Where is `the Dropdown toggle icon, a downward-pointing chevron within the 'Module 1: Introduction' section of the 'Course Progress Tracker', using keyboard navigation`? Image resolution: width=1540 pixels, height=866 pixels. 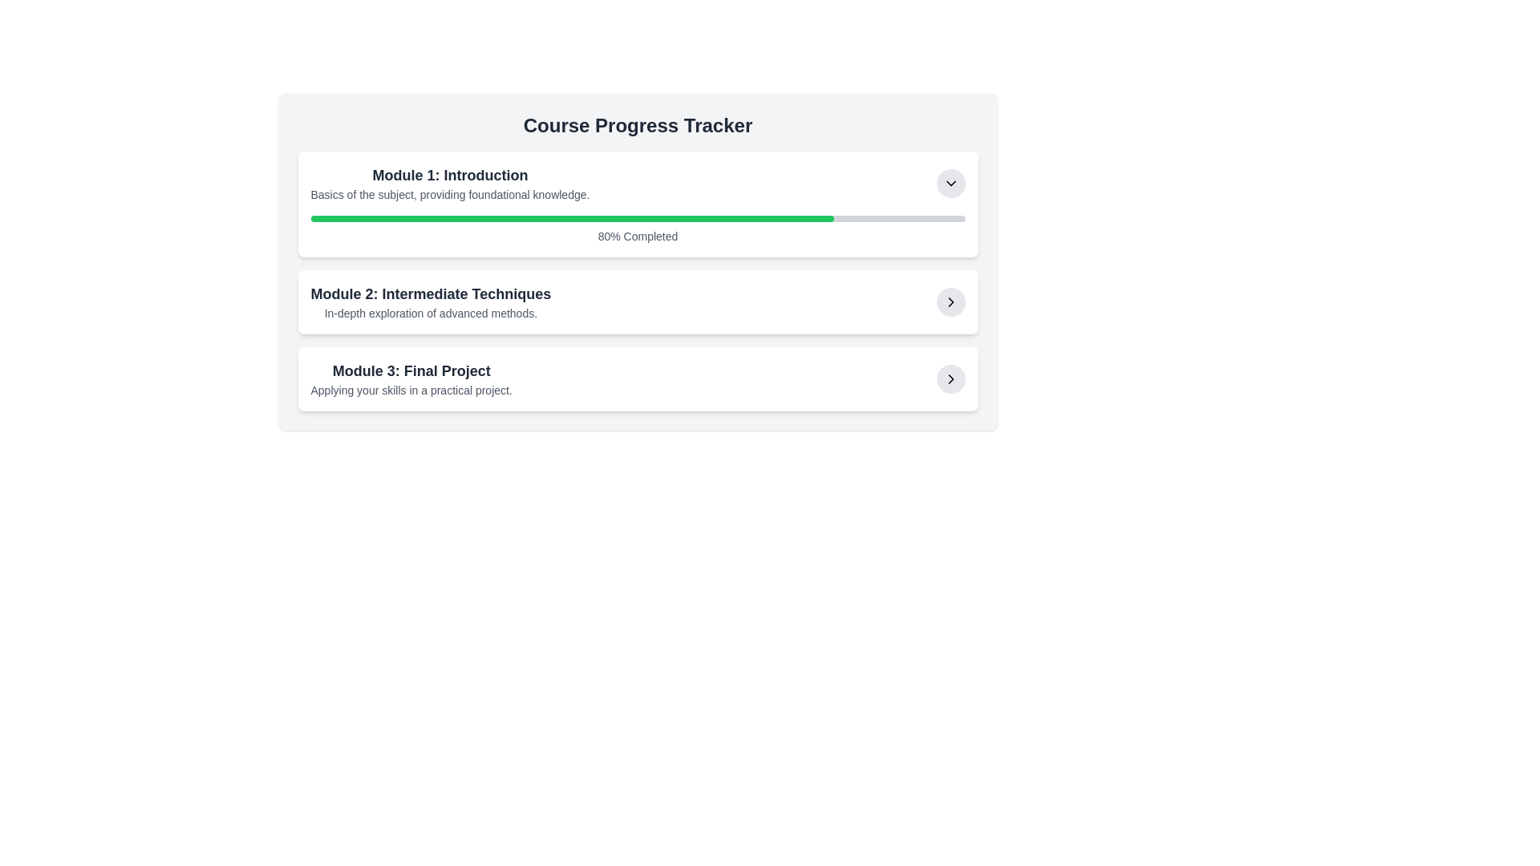 the Dropdown toggle icon, a downward-pointing chevron within the 'Module 1: Introduction' section of the 'Course Progress Tracker', using keyboard navigation is located at coordinates (950, 182).